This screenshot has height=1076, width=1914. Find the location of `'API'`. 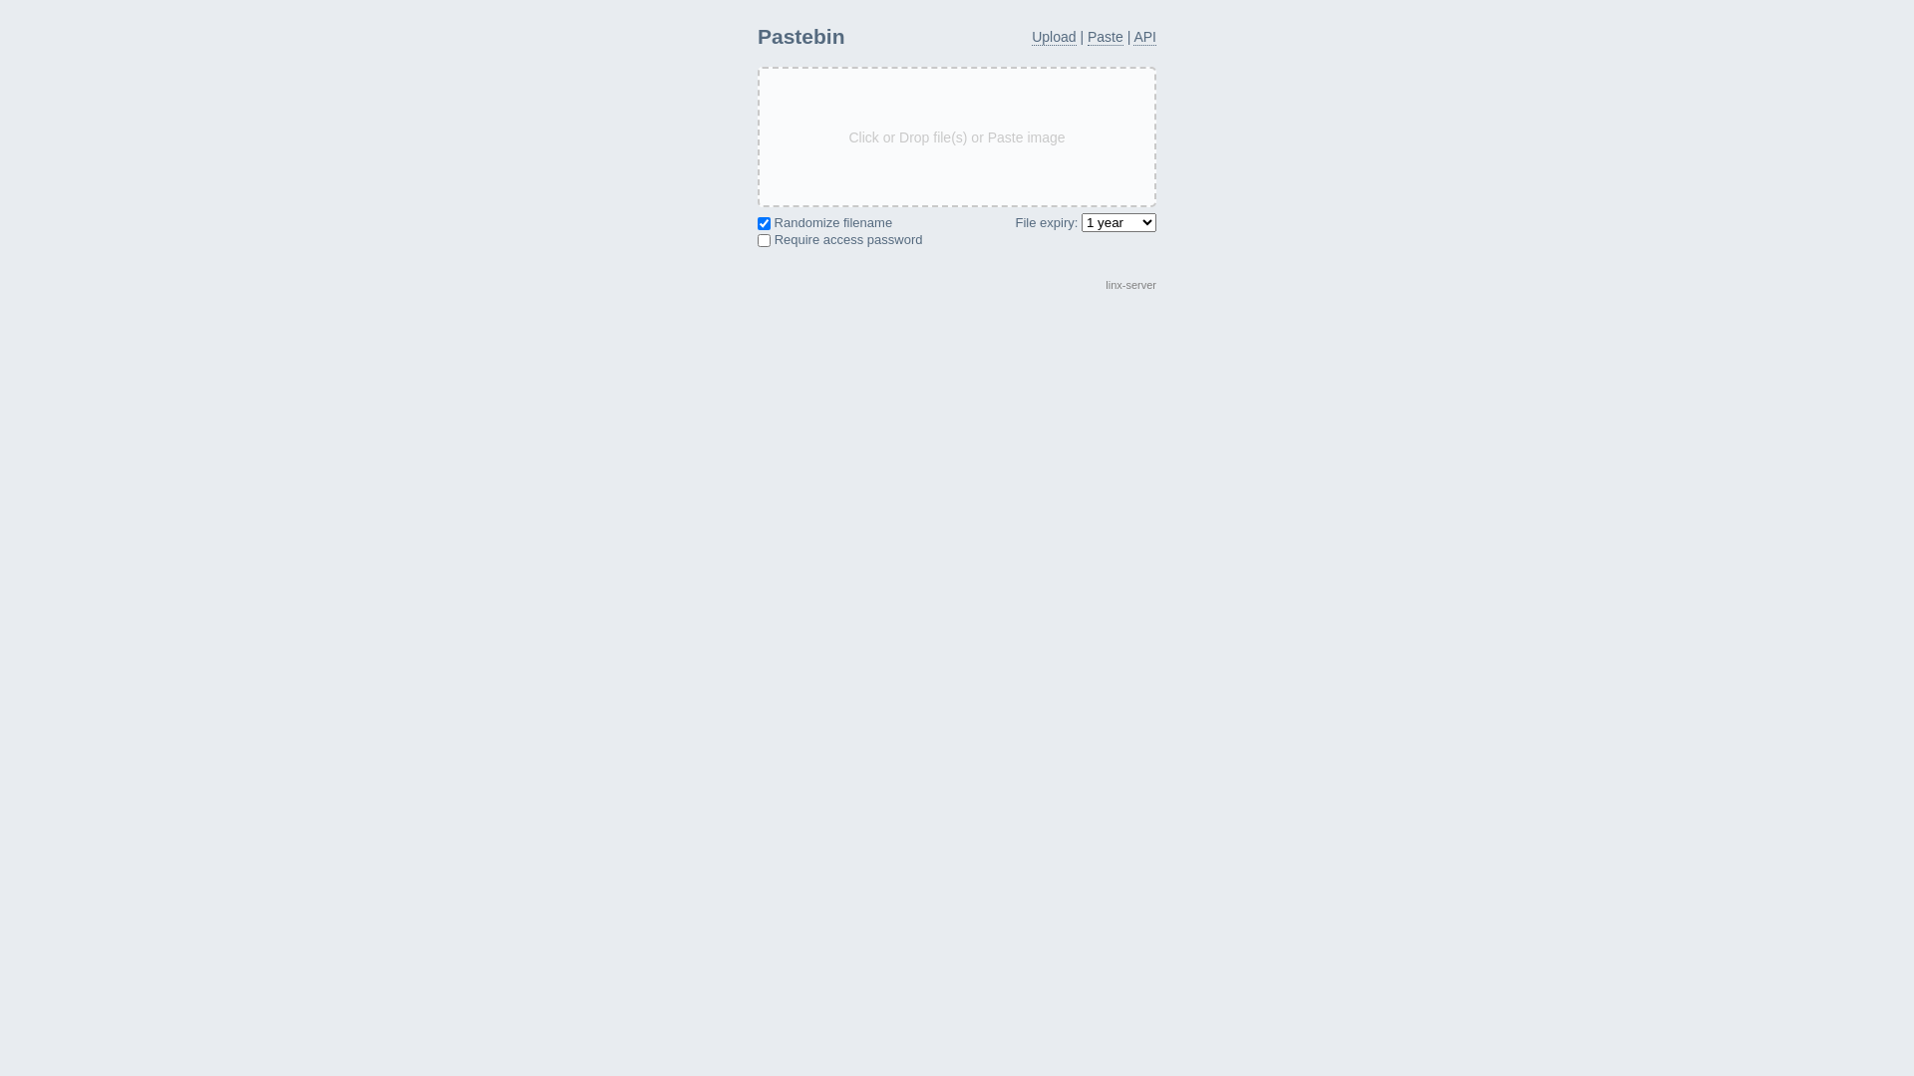

'API' is located at coordinates (1144, 37).